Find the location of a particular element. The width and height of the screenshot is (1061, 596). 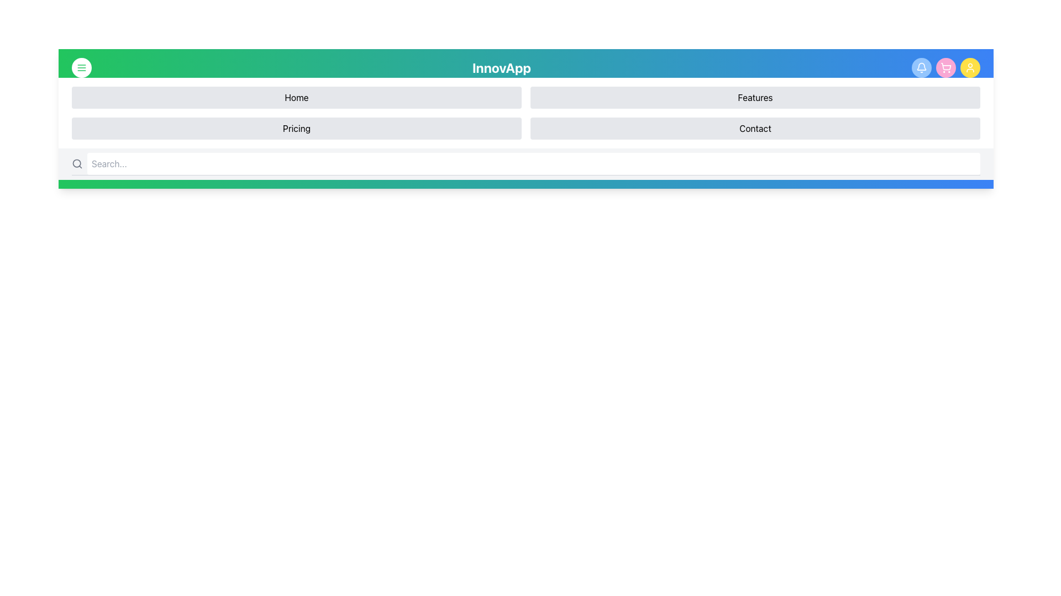

the 'Features' button located in the top-right section of the navigation bar is located at coordinates (755, 97).